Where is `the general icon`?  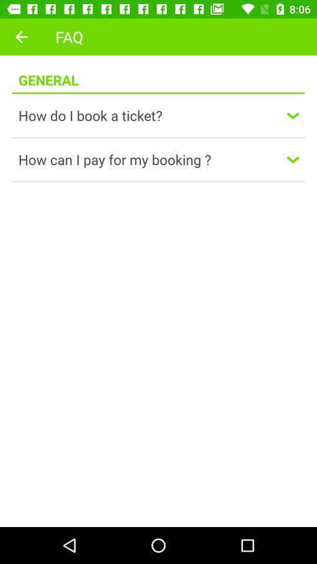 the general icon is located at coordinates (48, 73).